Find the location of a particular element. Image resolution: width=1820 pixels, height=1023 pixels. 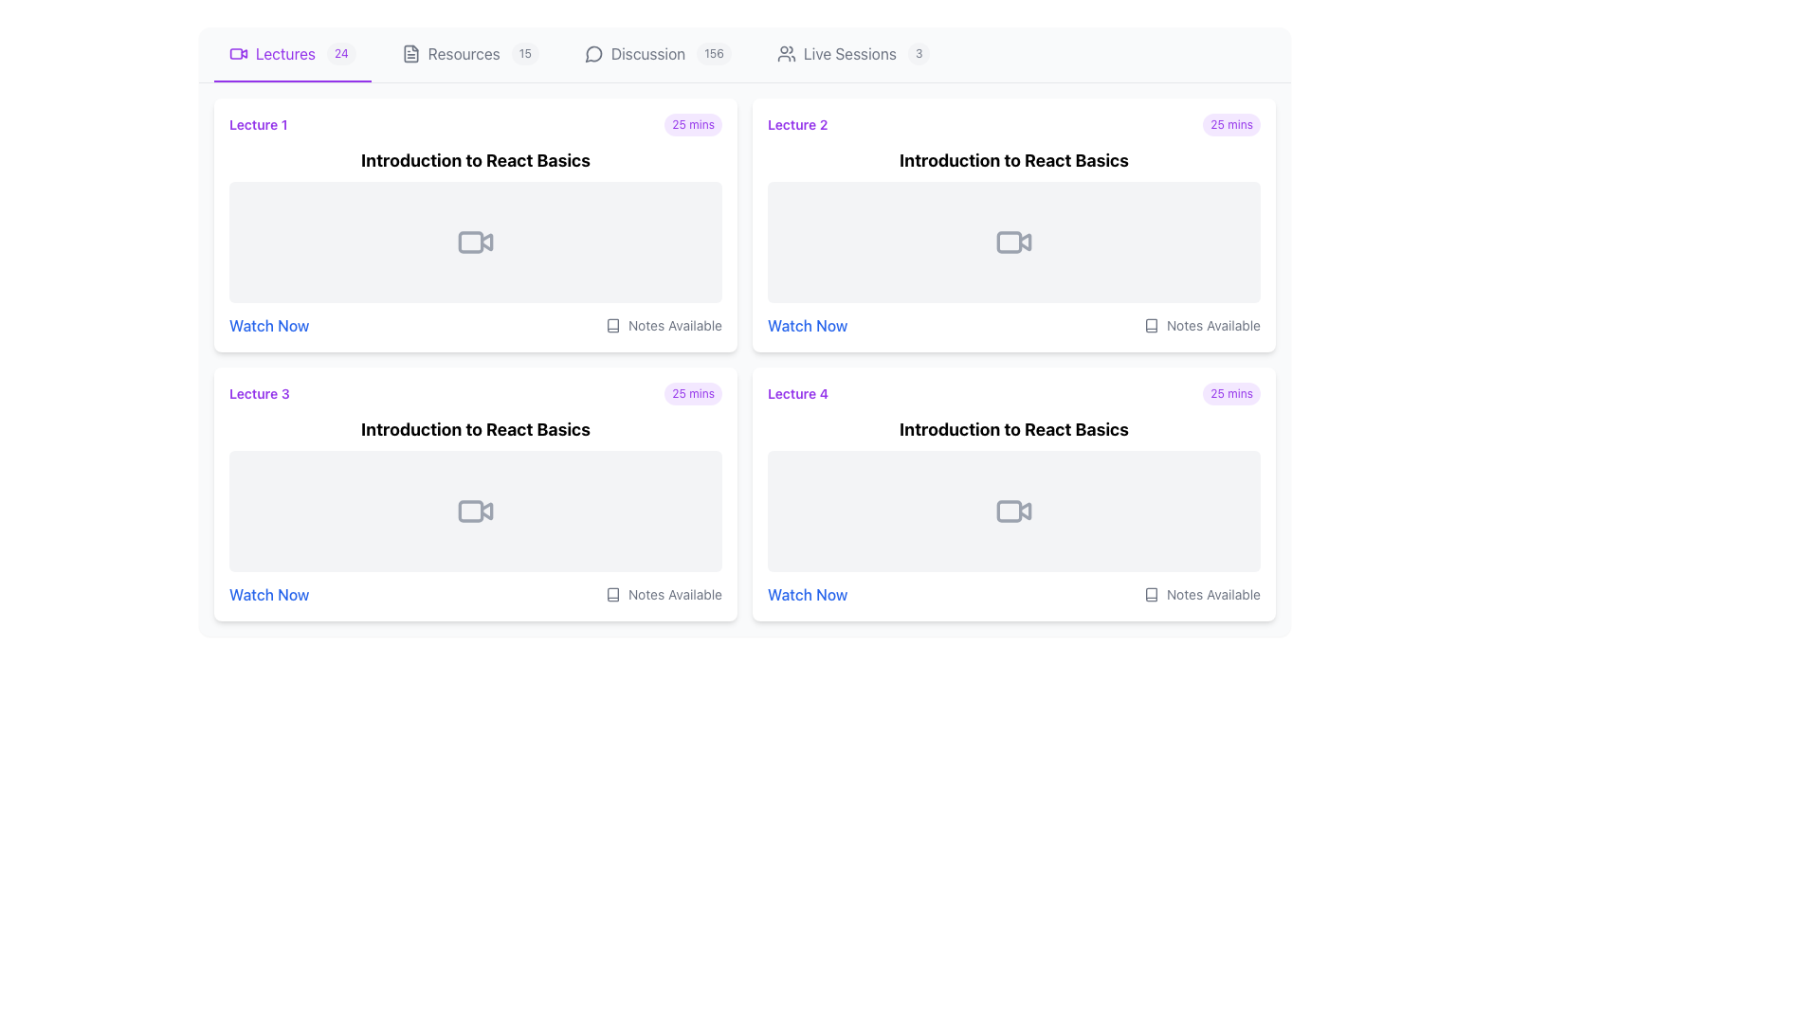

the circular icon with a speech bubble design located in the header section, positioned to the right of the 'Discussion' tab is located at coordinates (592, 53).